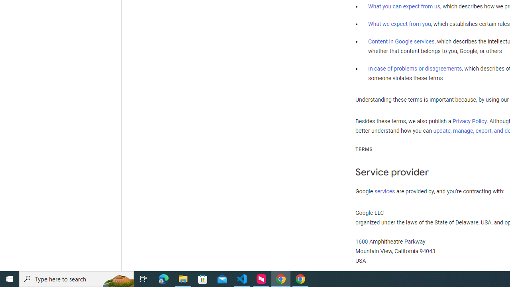 Image resolution: width=510 pixels, height=287 pixels. What do you see at coordinates (404, 6) in the screenshot?
I see `'What you can expect from us'` at bounding box center [404, 6].